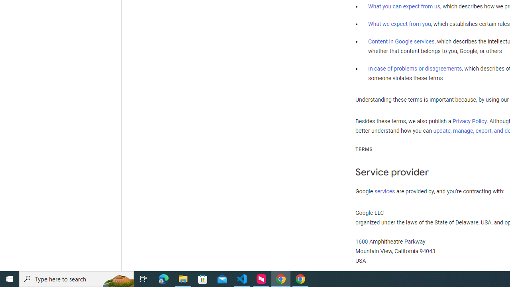 Image resolution: width=510 pixels, height=287 pixels. What do you see at coordinates (404, 6) in the screenshot?
I see `'What you can expect from us'` at bounding box center [404, 6].